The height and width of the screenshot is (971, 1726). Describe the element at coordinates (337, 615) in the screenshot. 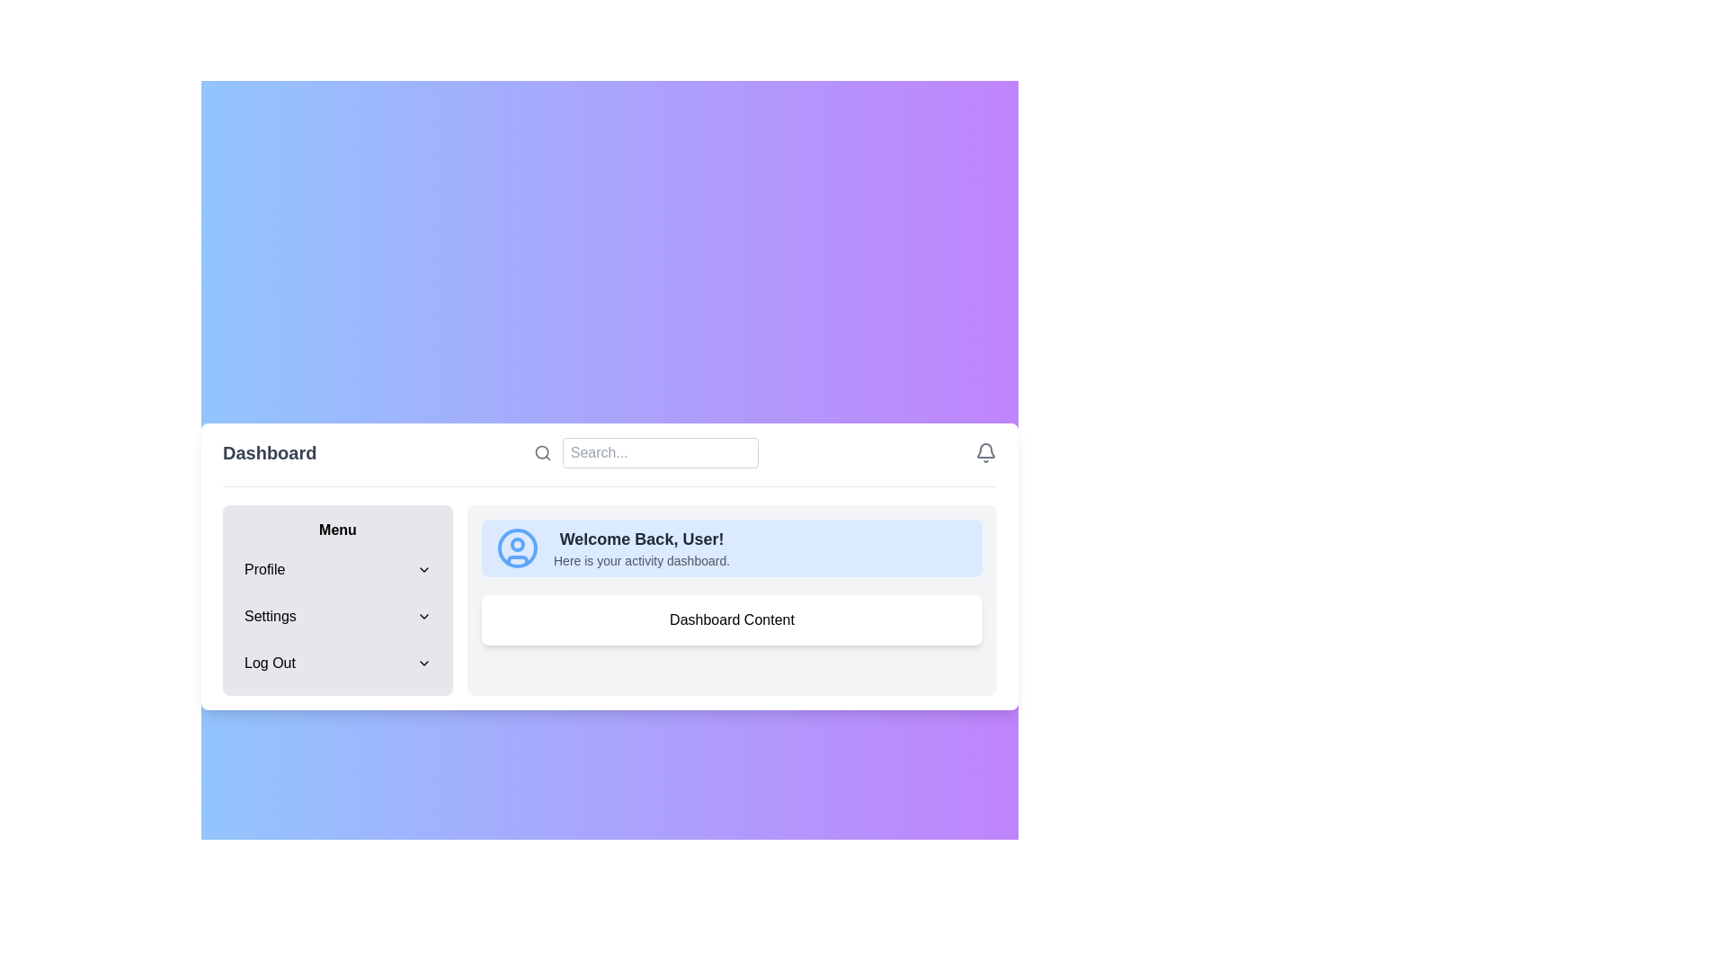

I see `the 'Settings' menu item in the sidebar` at that location.